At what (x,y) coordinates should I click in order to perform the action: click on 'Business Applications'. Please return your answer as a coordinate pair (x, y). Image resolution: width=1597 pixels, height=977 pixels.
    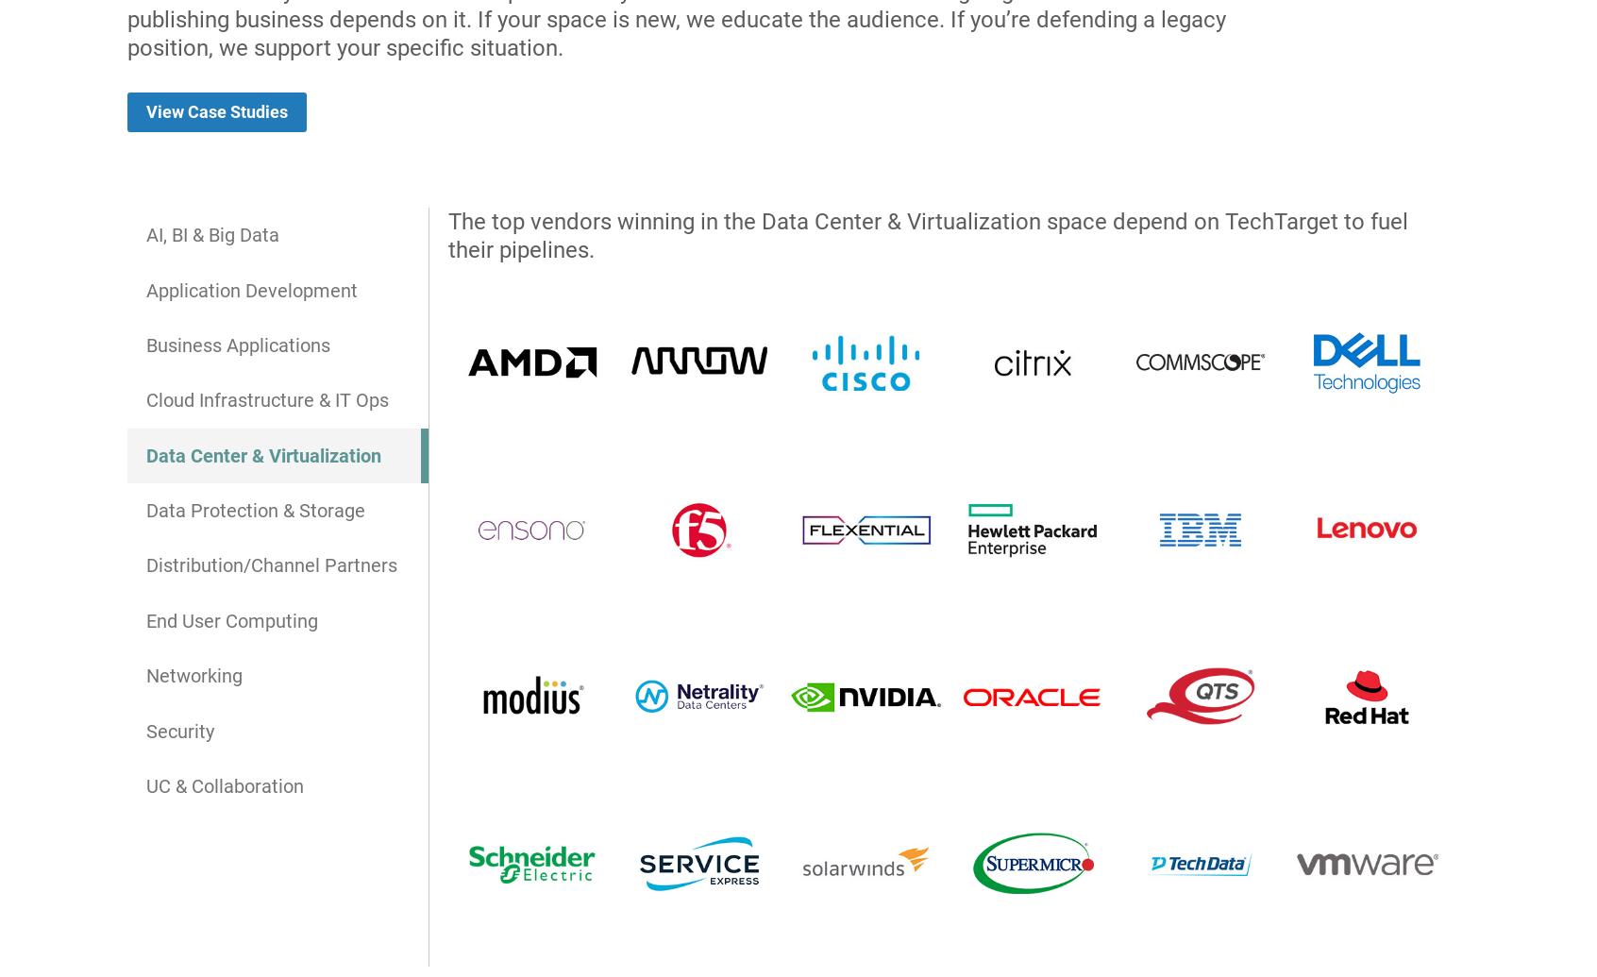
    Looking at the image, I should click on (237, 345).